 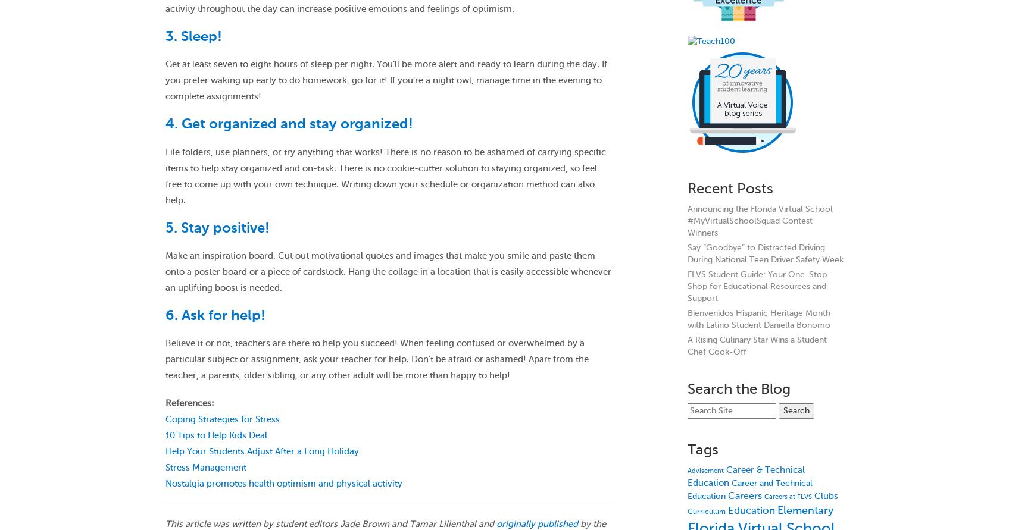 I want to click on 'Careers', so click(x=744, y=495).